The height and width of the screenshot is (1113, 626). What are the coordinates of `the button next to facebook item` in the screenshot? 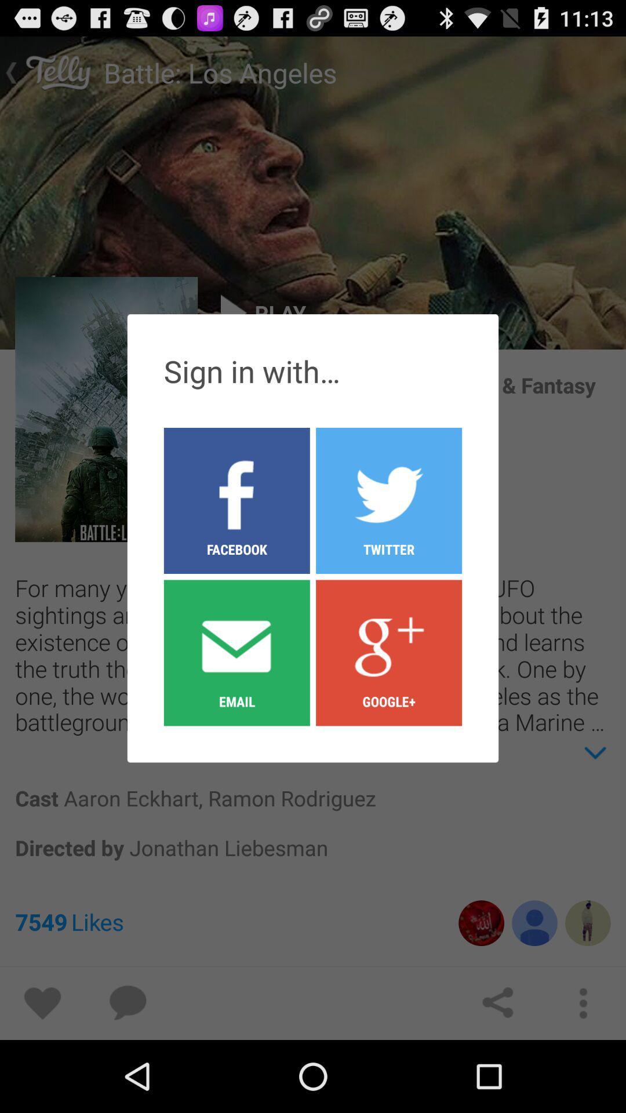 It's located at (389, 652).